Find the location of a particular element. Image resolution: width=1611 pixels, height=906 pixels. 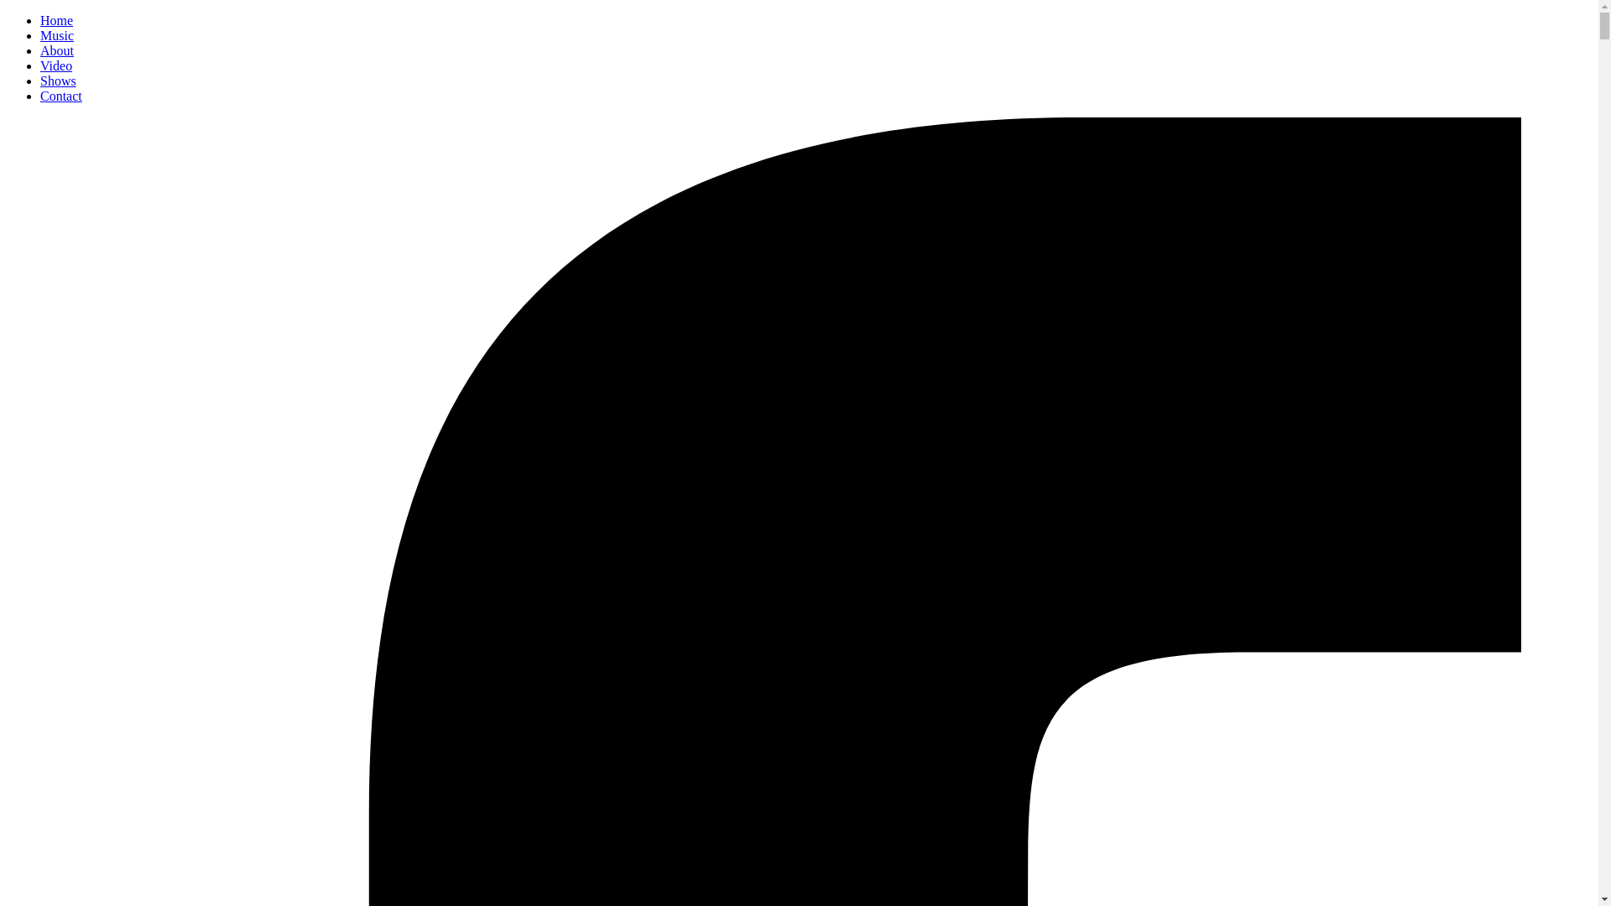

'Video' is located at coordinates (56, 65).